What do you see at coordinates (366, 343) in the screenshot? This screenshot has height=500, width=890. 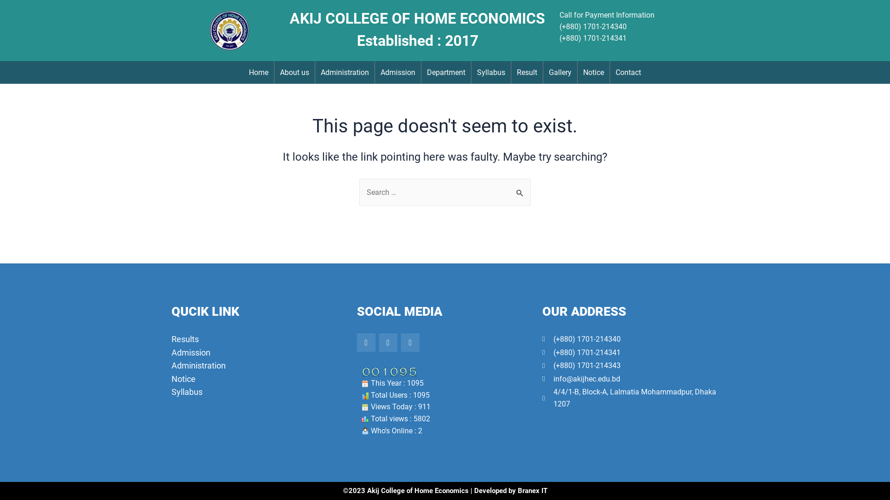 I see `'Facebook-f'` at bounding box center [366, 343].